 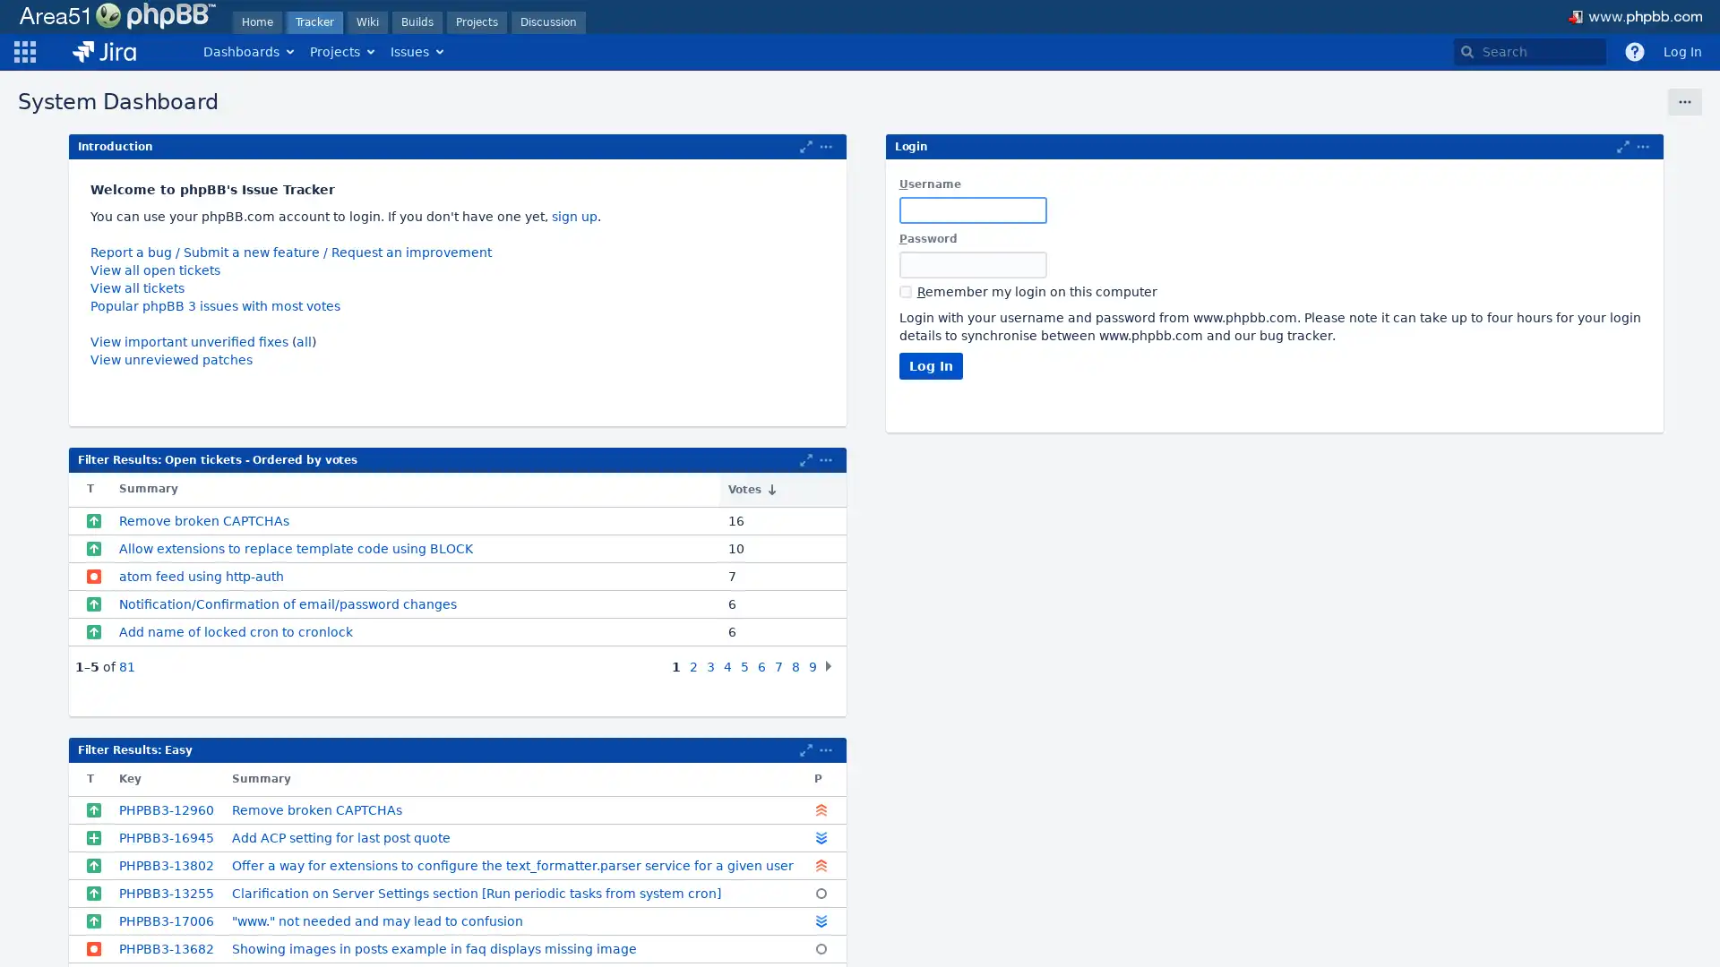 What do you see at coordinates (824, 146) in the screenshot?
I see `Expand` at bounding box center [824, 146].